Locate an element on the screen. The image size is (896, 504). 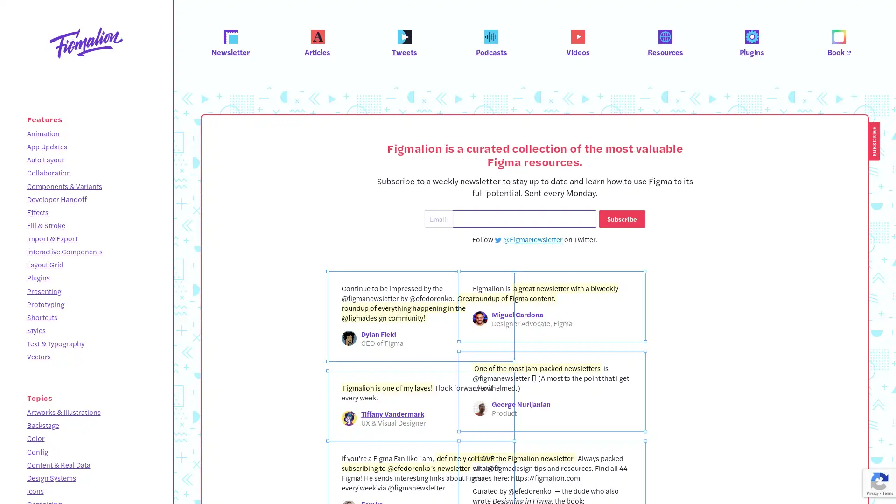
Subscribe is located at coordinates (622, 219).